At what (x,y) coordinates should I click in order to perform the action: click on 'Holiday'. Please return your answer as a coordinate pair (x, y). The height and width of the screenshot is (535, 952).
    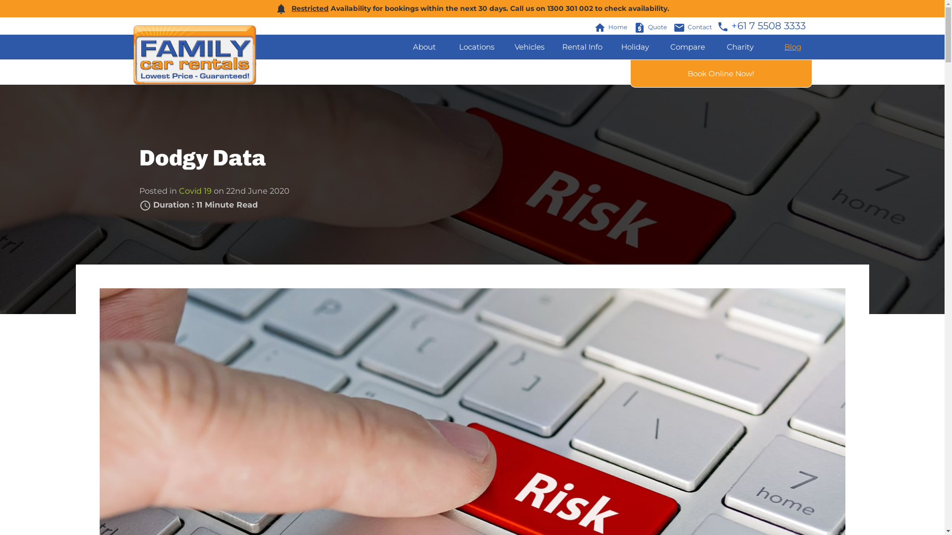
    Looking at the image, I should click on (635, 47).